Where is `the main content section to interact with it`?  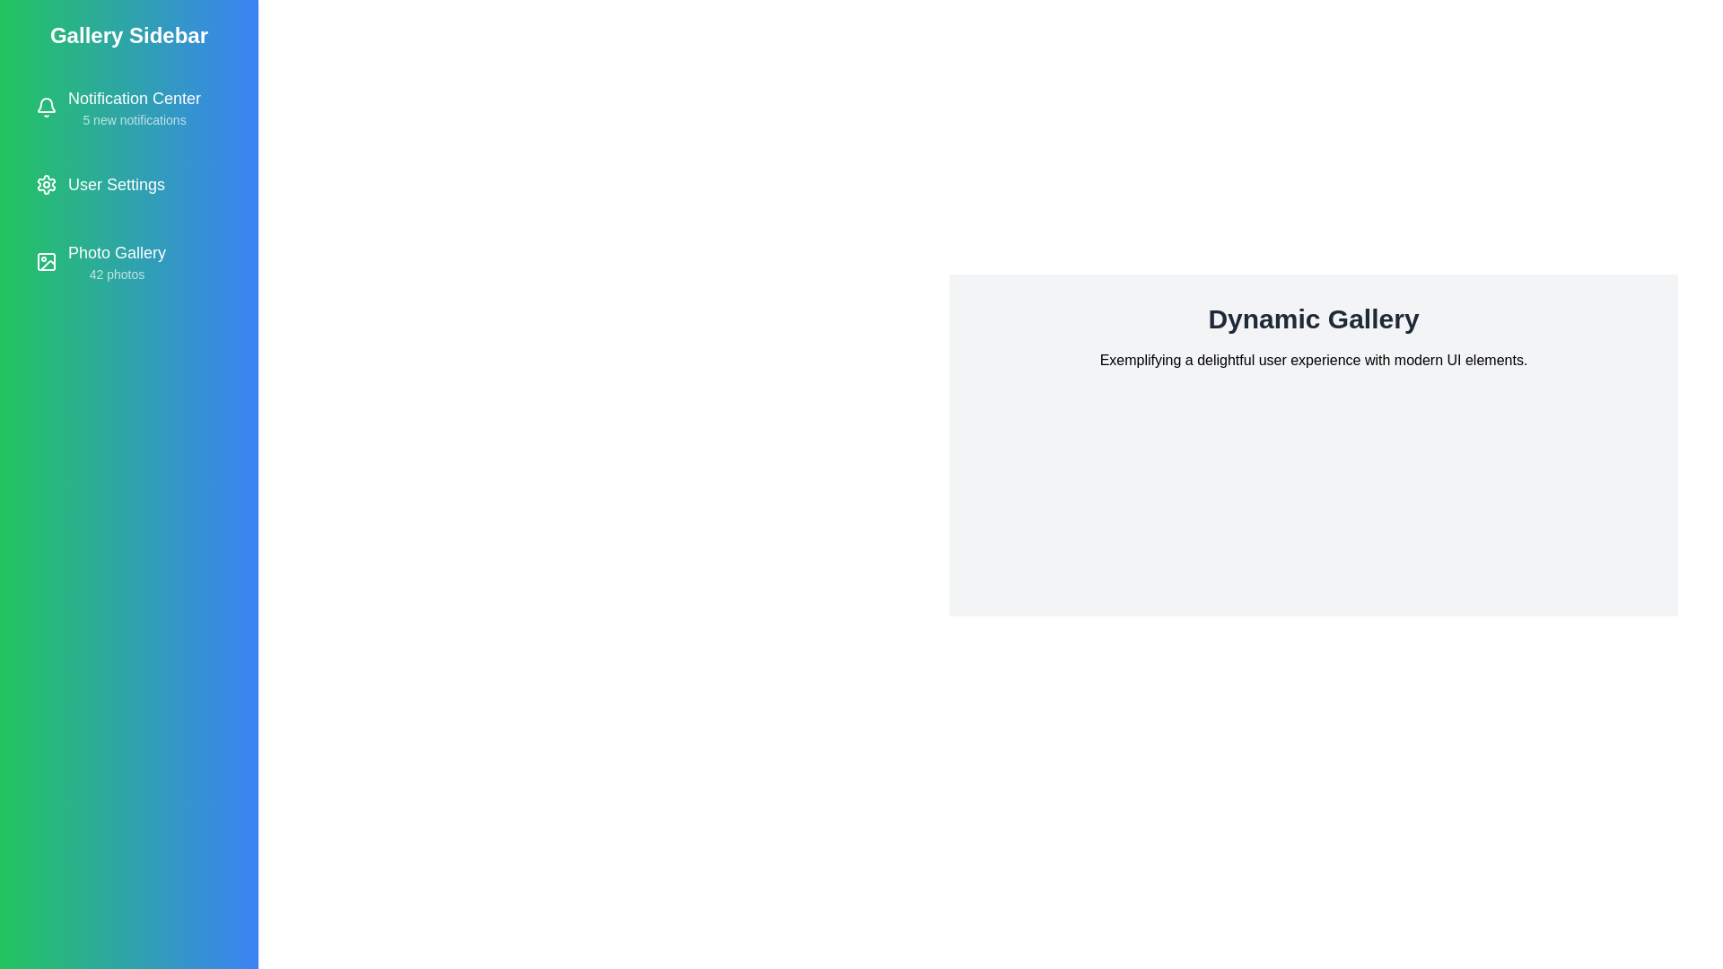 the main content section to interact with it is located at coordinates (1314, 758).